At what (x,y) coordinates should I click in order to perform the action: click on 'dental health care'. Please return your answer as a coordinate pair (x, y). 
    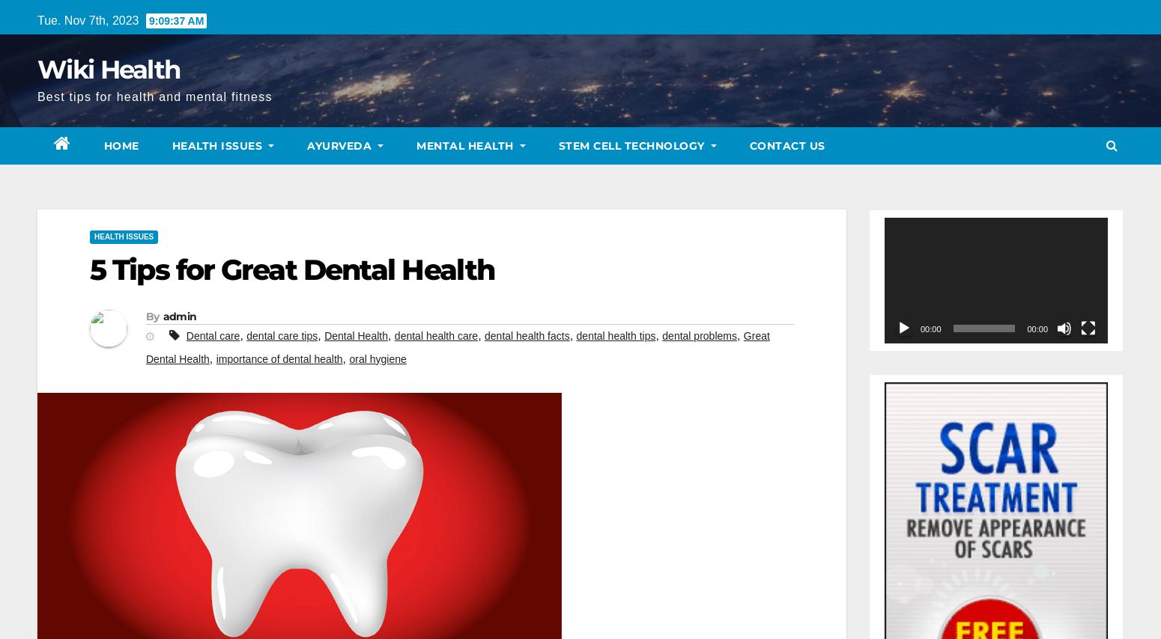
    Looking at the image, I should click on (436, 334).